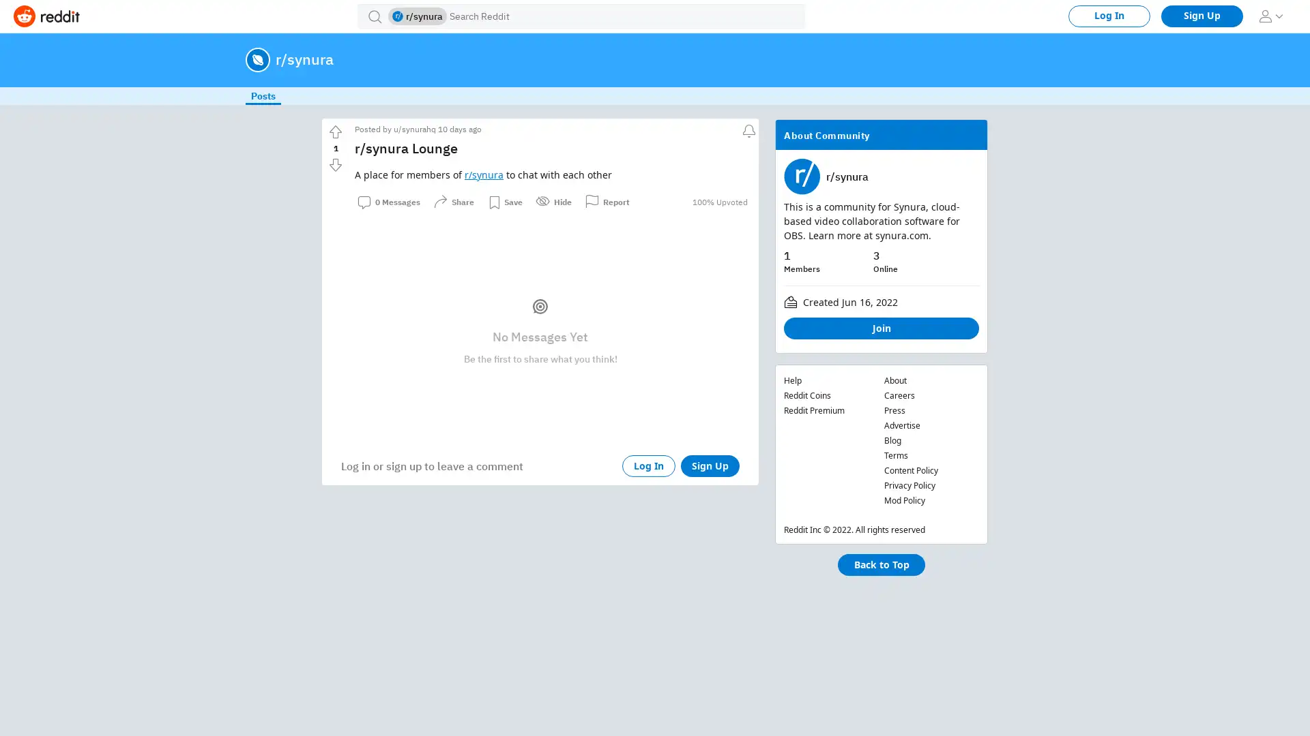 Image resolution: width=1310 pixels, height=736 pixels. What do you see at coordinates (1109, 16) in the screenshot?
I see `Log In` at bounding box center [1109, 16].